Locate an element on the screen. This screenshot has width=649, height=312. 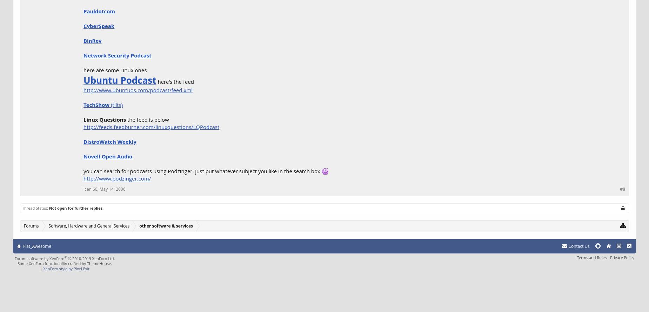
'the feed is below' is located at coordinates (126, 119).